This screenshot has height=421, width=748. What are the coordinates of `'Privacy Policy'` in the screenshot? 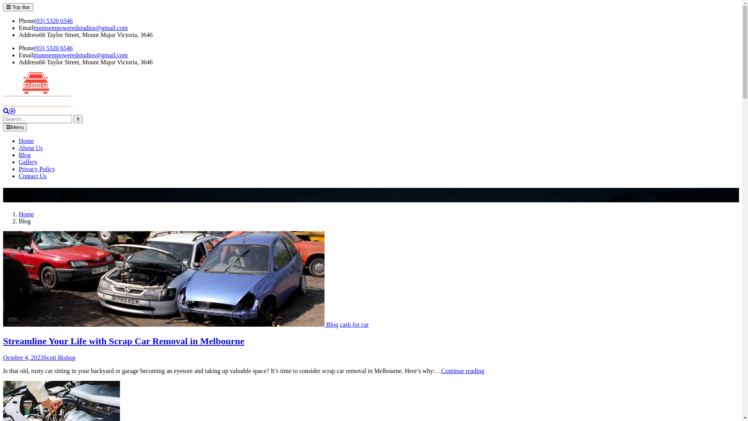 It's located at (37, 168).